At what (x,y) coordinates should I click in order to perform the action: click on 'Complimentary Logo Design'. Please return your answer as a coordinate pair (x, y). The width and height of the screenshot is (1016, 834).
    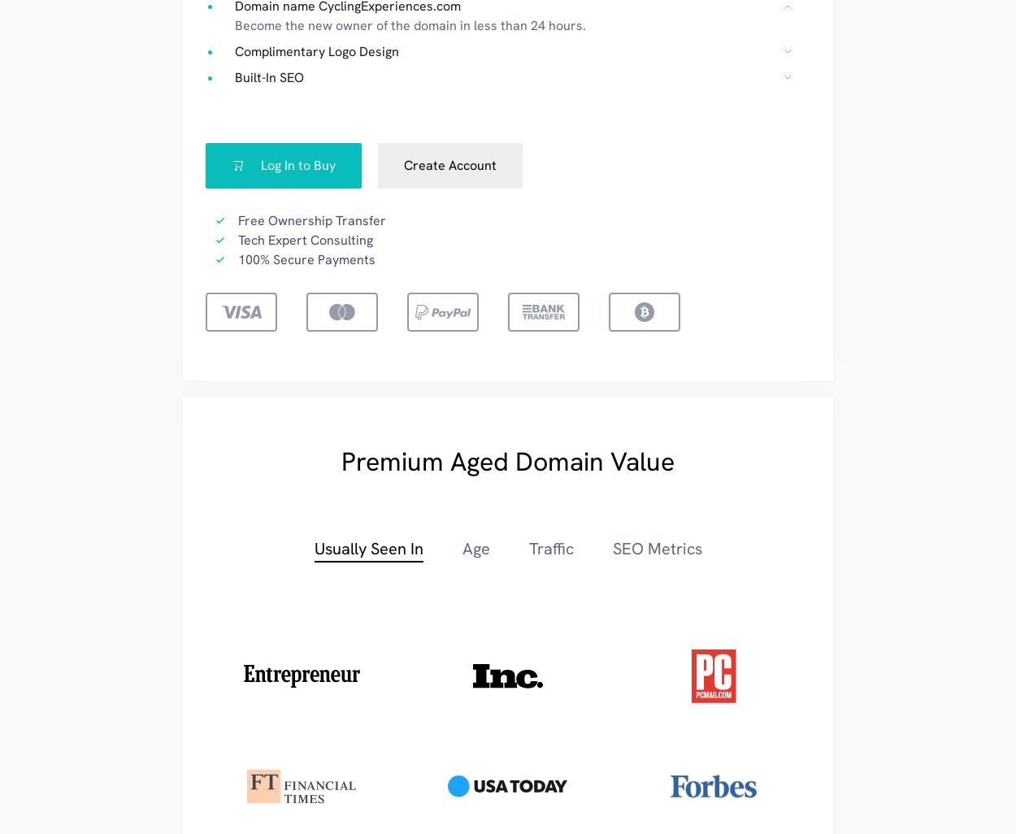
    Looking at the image, I should click on (317, 50).